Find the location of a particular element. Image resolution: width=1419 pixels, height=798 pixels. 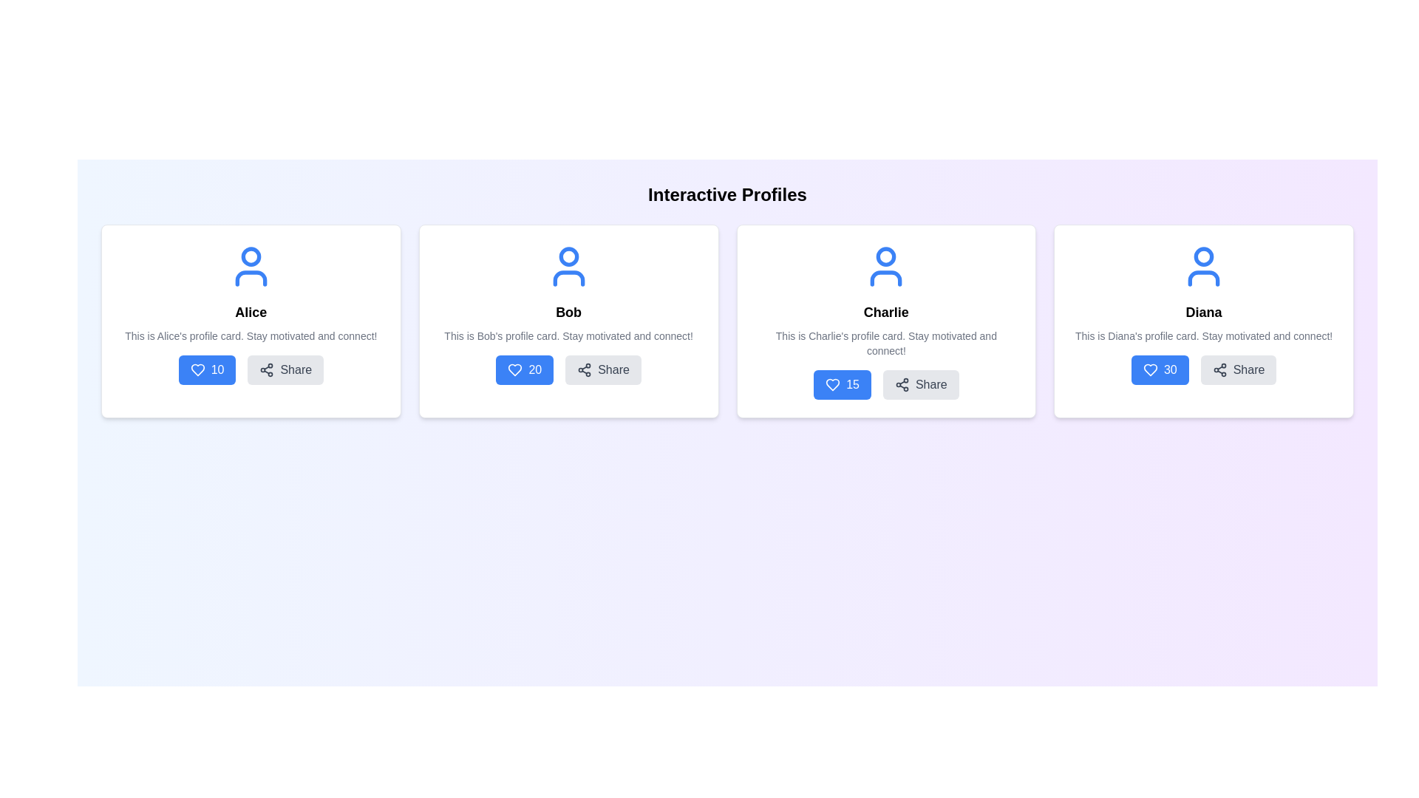

the Share icon located inside the button labeled 'Share' at the bottom-right of Diana's profile card to initiate sharing actions is located at coordinates (1219, 369).